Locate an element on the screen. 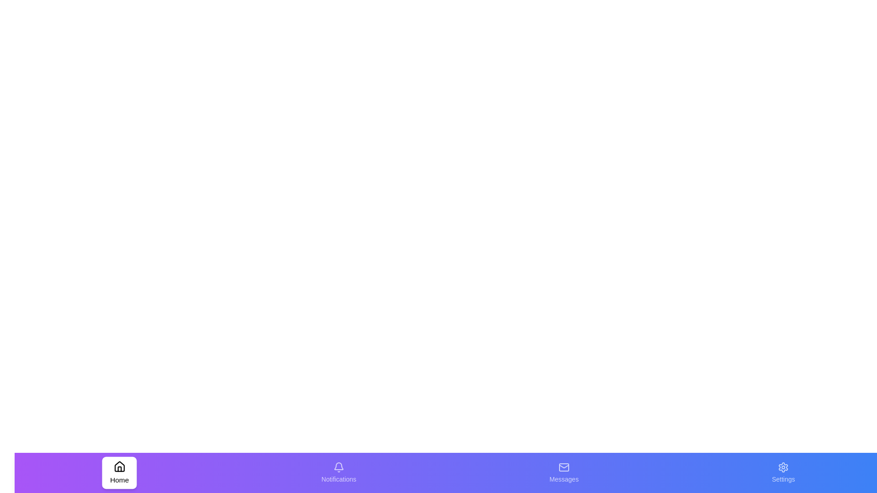  the tab corresponding to Settings by clicking its icon is located at coordinates (782, 472).